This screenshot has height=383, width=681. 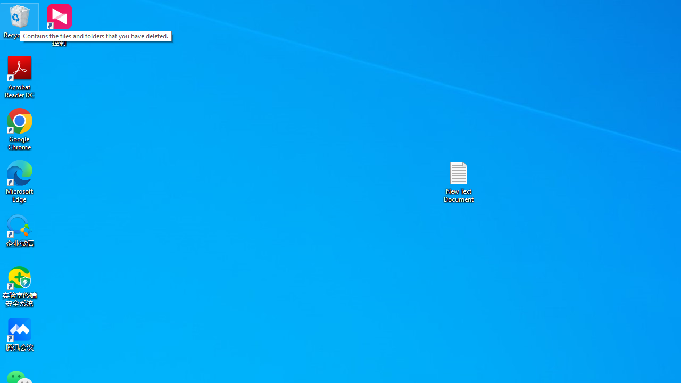 I want to click on 'New Text Document', so click(x=459, y=181).